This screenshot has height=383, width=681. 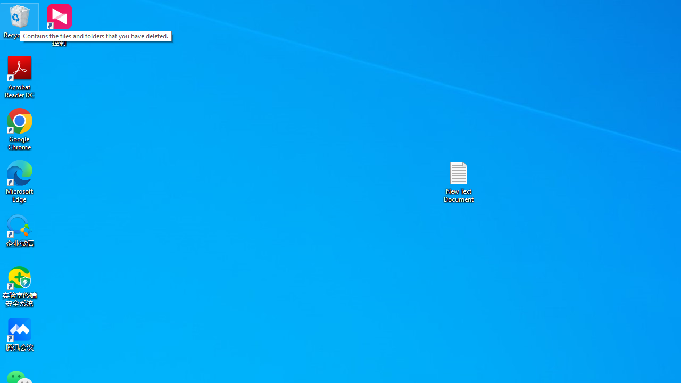 I want to click on 'New Text Document', so click(x=459, y=181).